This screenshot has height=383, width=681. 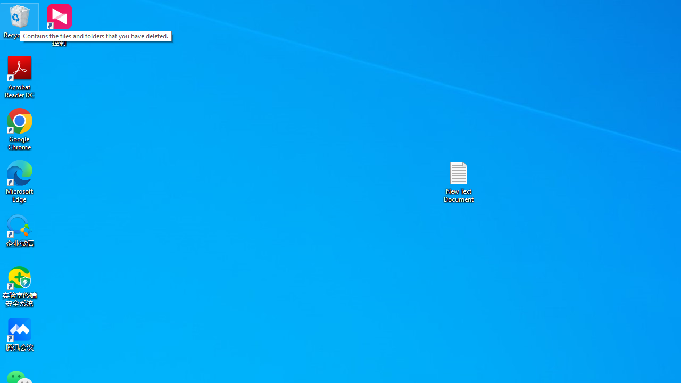 I want to click on 'New Text Document', so click(x=459, y=181).